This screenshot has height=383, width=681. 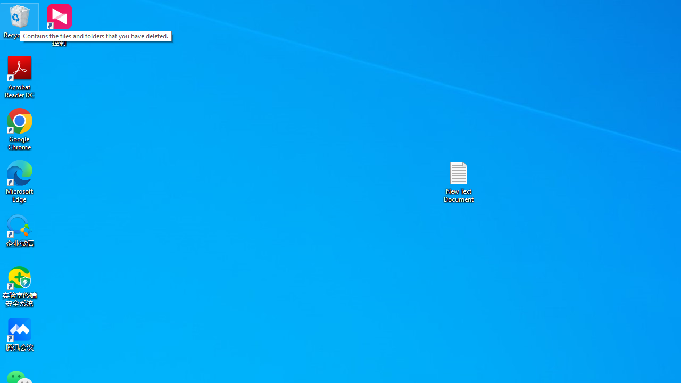 I want to click on 'New Text Document', so click(x=459, y=181).